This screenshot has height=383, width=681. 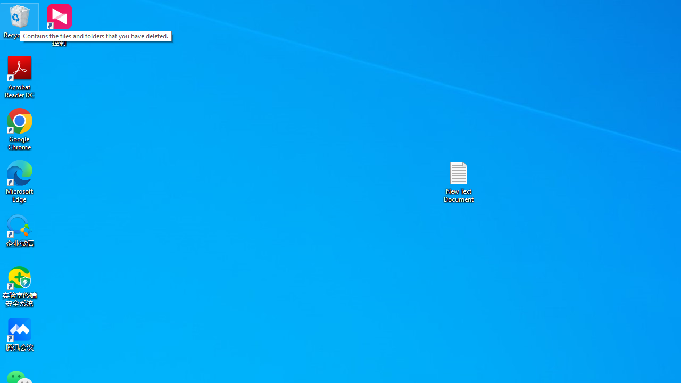 I want to click on 'New Text Document', so click(x=459, y=181).